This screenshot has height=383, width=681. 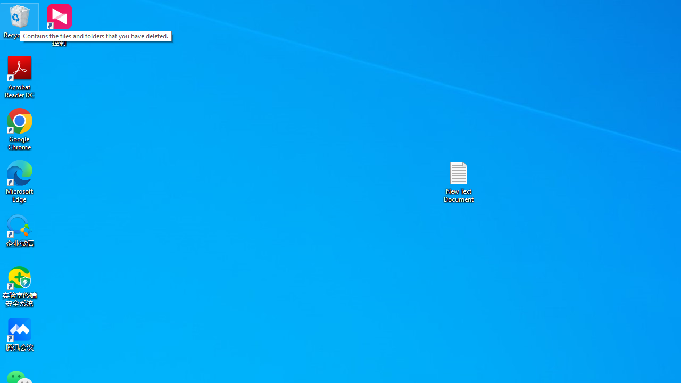 I want to click on 'New Text Document', so click(x=459, y=181).